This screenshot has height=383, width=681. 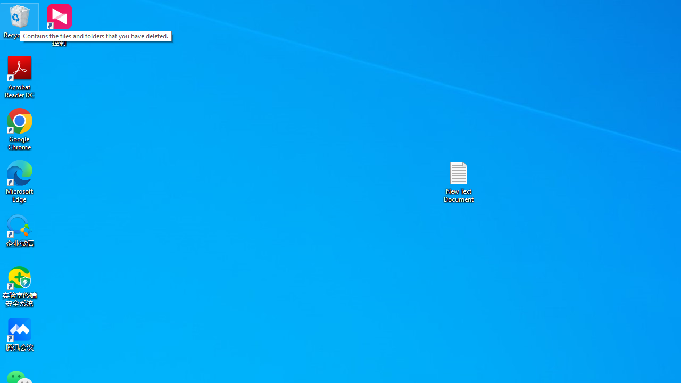 I want to click on 'New Text Document', so click(x=459, y=181).